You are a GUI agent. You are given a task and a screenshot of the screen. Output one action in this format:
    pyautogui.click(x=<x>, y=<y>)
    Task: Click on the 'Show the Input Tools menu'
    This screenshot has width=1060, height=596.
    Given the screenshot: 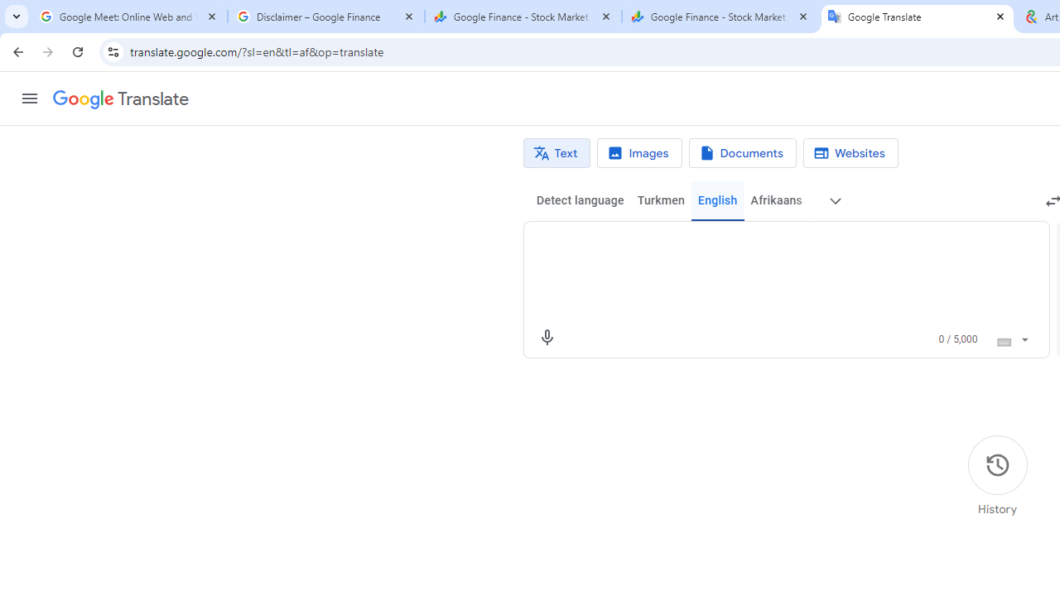 What is the action you would take?
    pyautogui.click(x=1024, y=336)
    